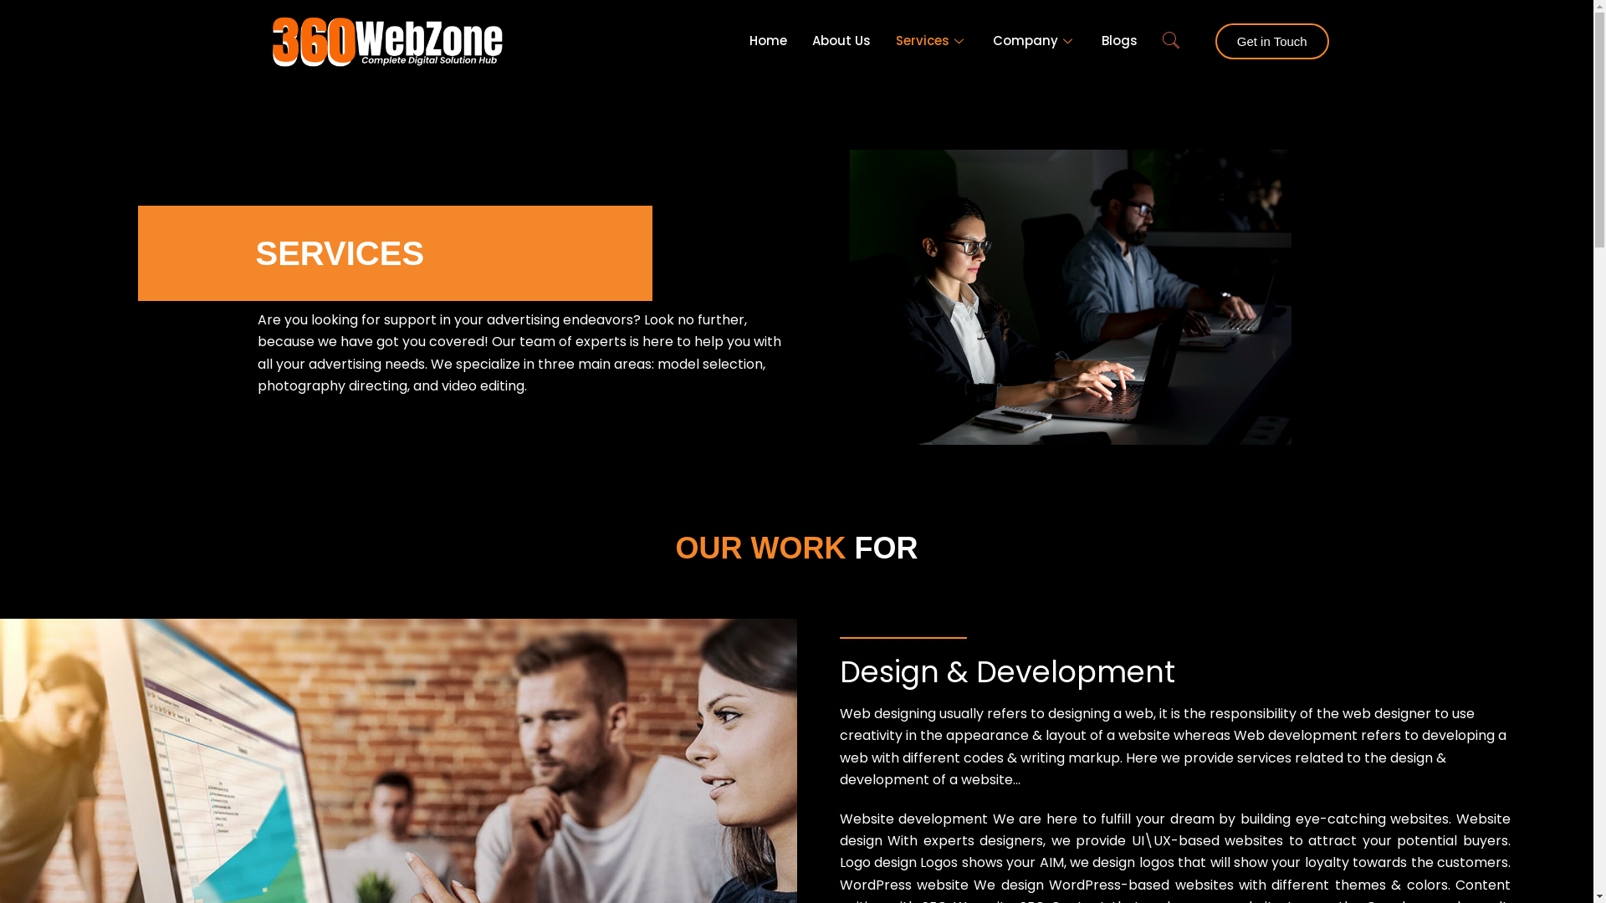  What do you see at coordinates (841, 41) in the screenshot?
I see `'About Us'` at bounding box center [841, 41].